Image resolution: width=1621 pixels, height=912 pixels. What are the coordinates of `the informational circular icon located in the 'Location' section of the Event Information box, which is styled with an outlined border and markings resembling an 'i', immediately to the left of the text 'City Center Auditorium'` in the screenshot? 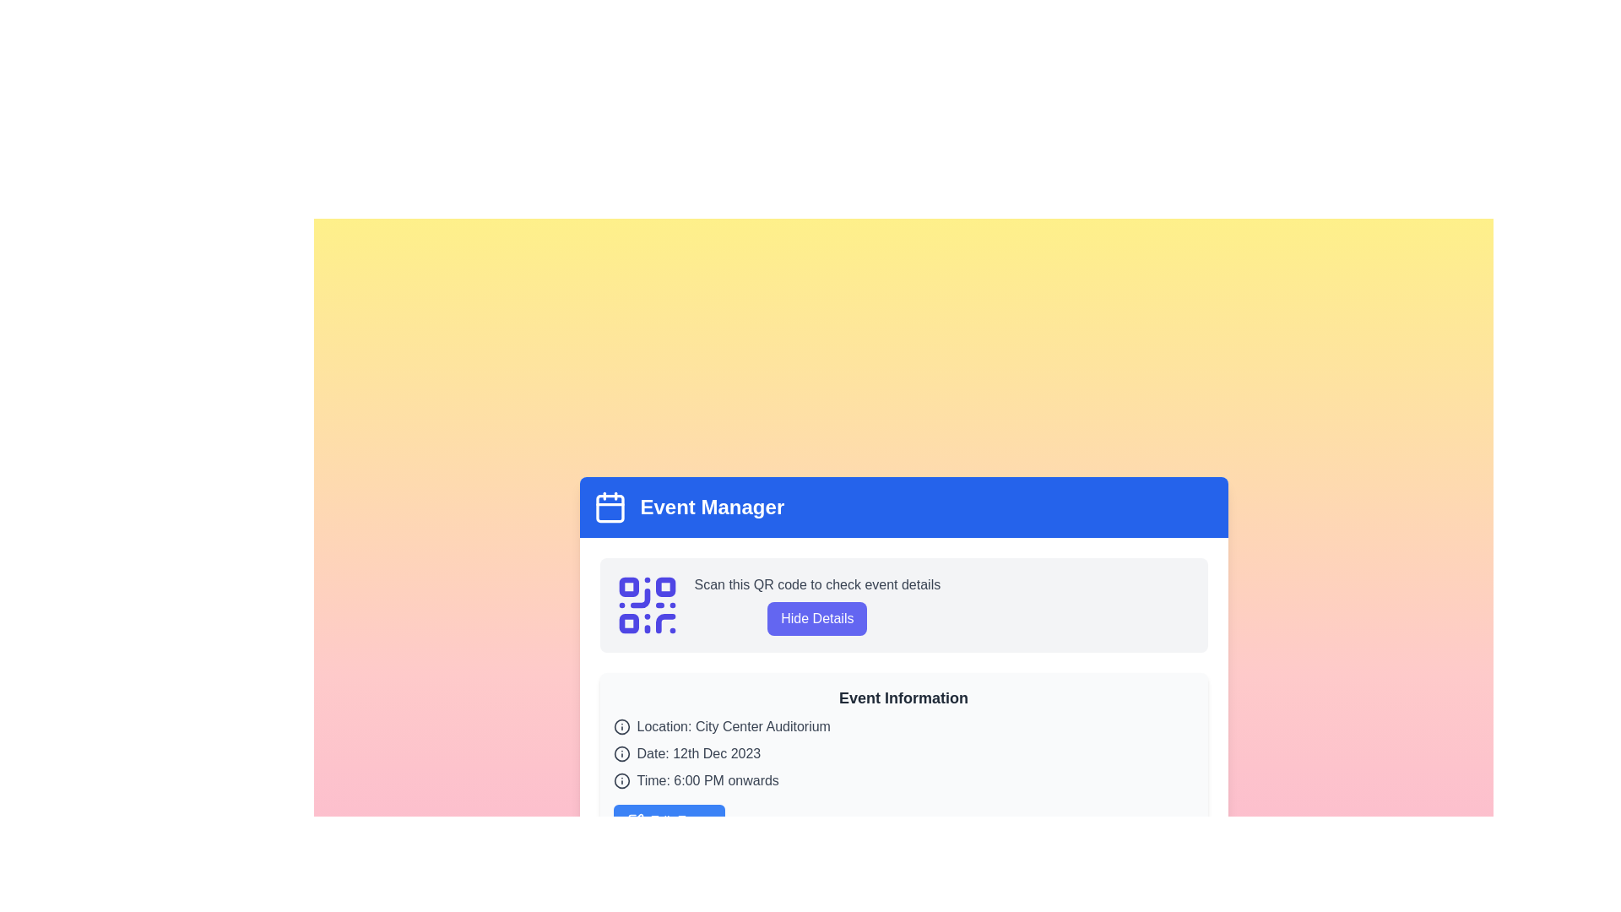 It's located at (621, 725).